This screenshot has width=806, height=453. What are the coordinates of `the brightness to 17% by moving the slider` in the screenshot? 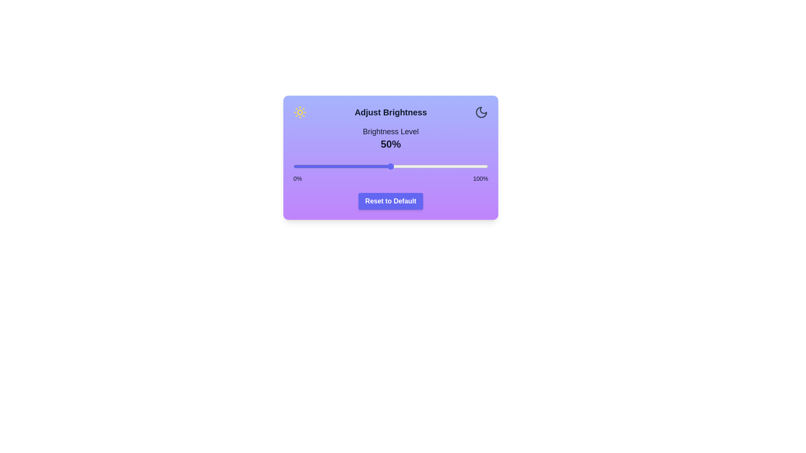 It's located at (326, 167).